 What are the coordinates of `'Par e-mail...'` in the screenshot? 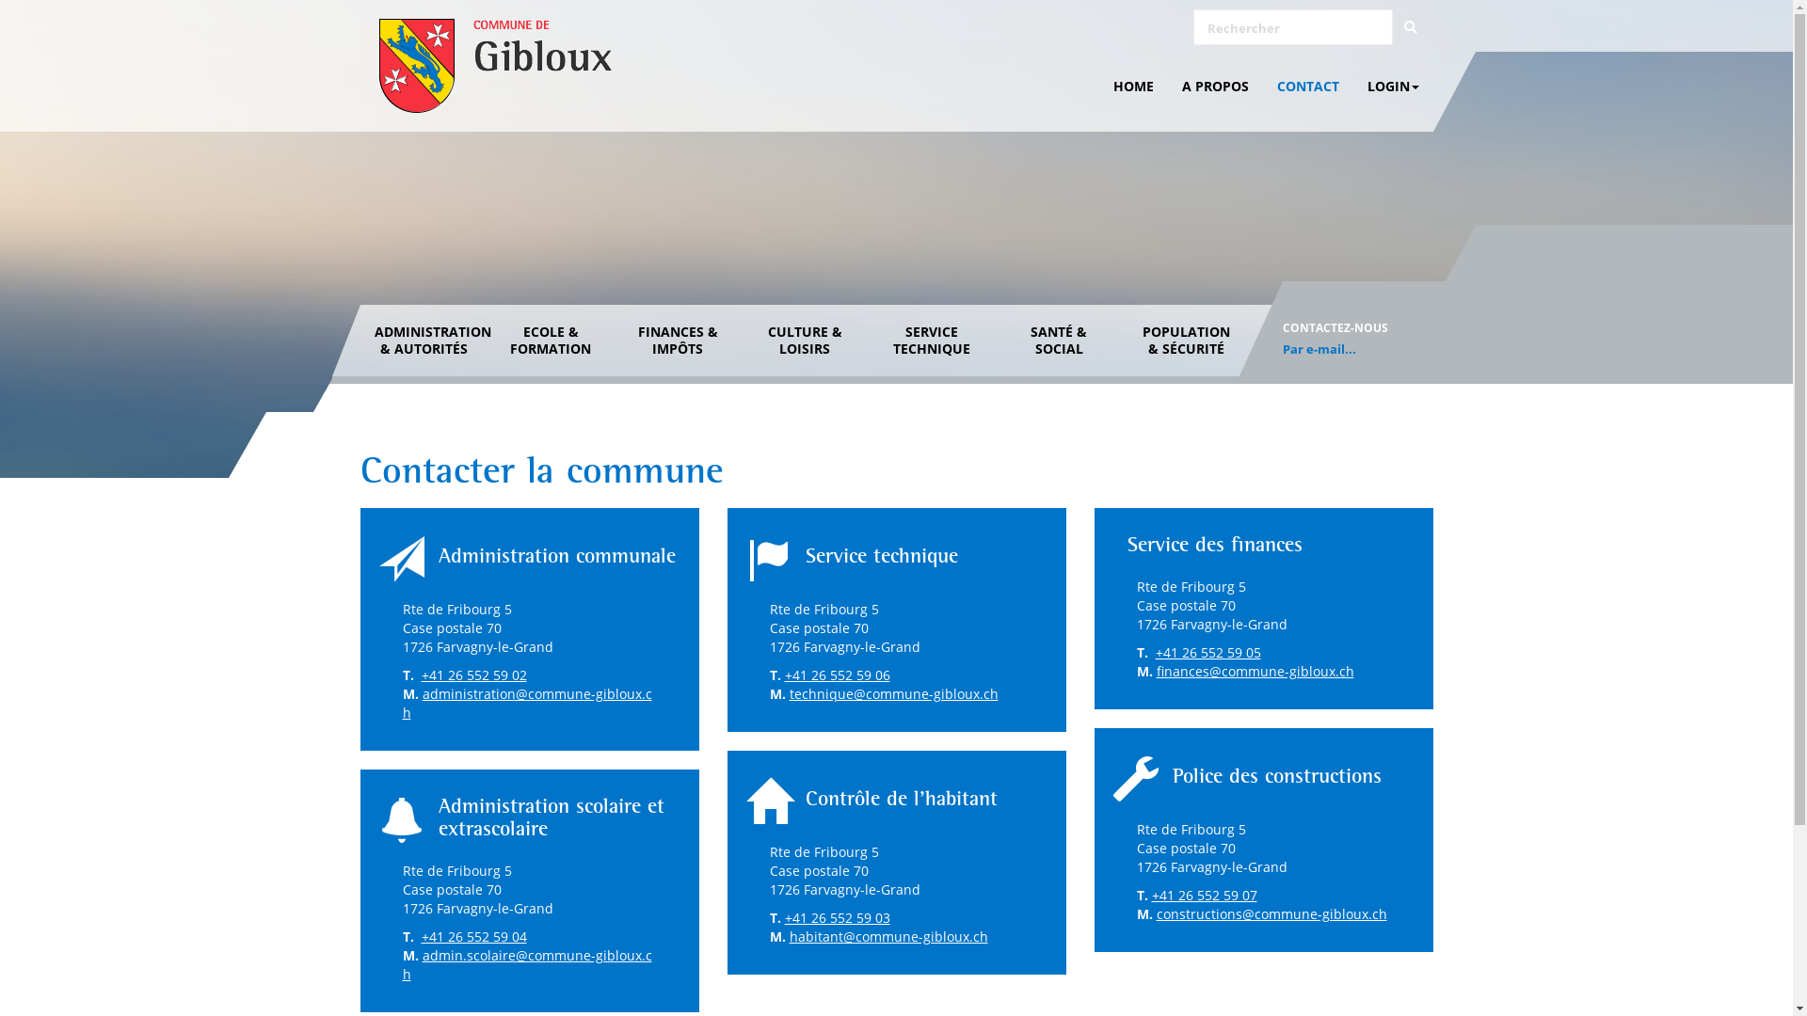 It's located at (1318, 348).